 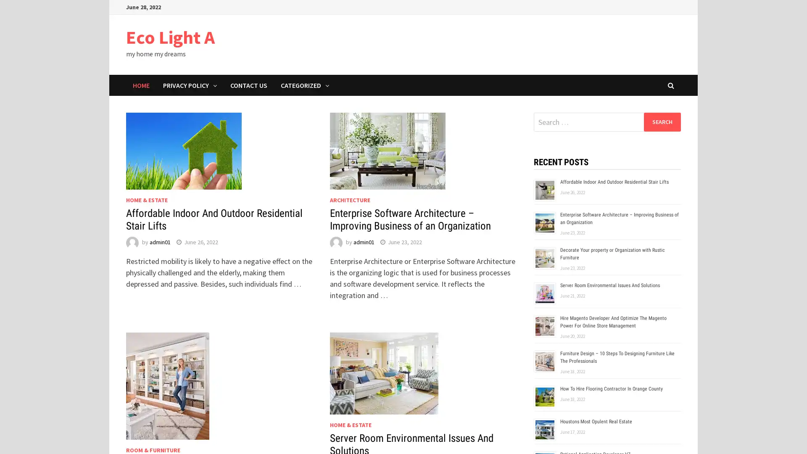 What do you see at coordinates (662, 121) in the screenshot?
I see `Search` at bounding box center [662, 121].